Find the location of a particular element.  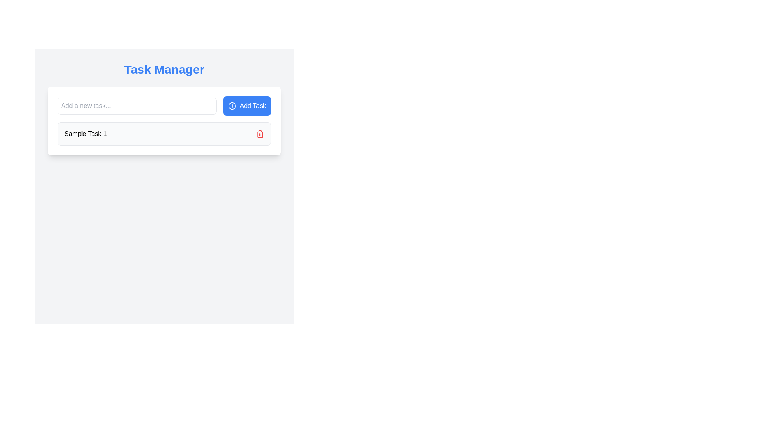

the blue rectangular button labeled 'Add Task' with a plus sign icon to observe its hover state effect is located at coordinates (247, 106).